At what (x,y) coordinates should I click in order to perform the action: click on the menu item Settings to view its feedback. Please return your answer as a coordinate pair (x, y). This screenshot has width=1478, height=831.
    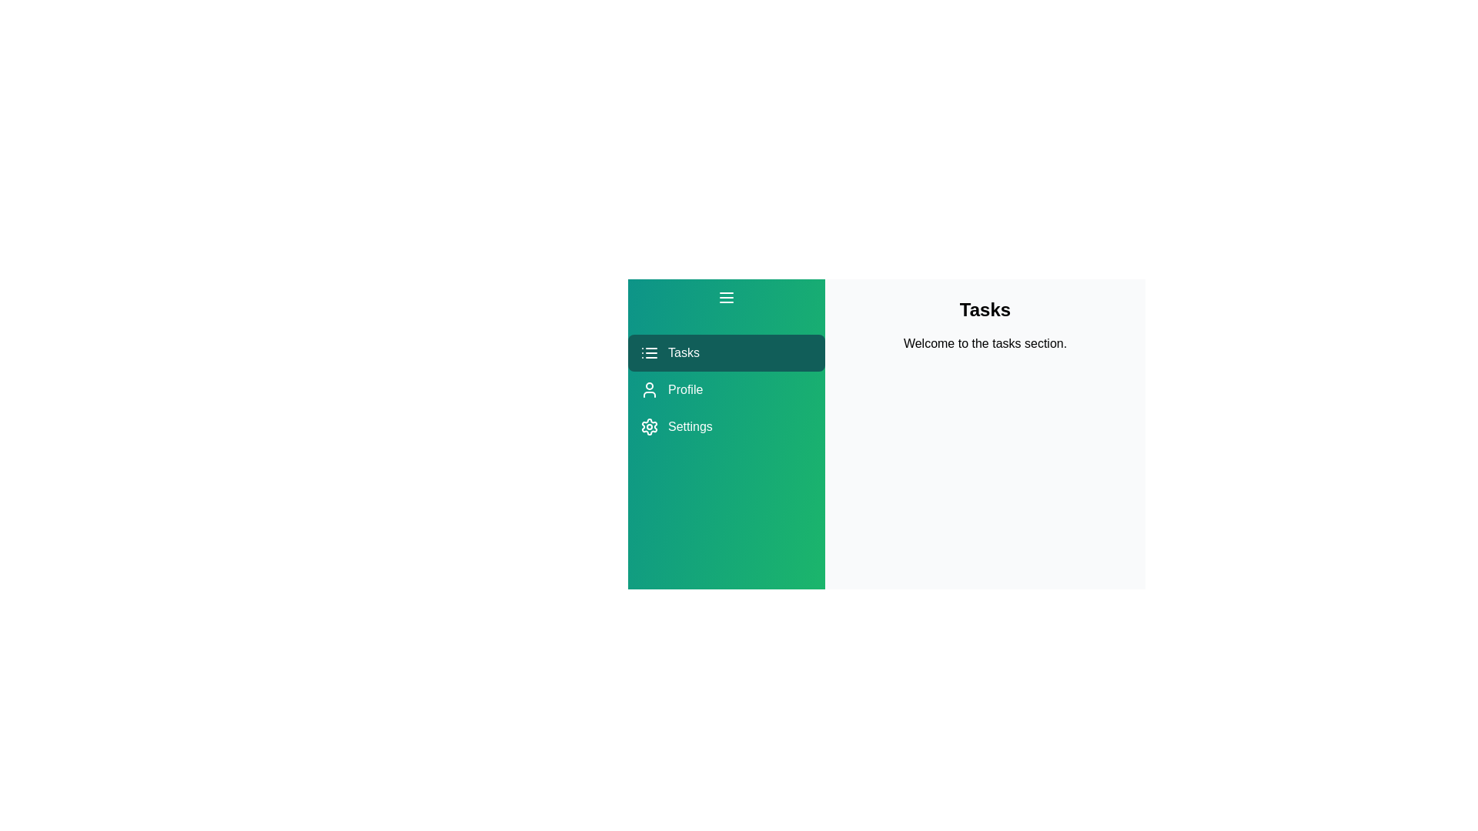
    Looking at the image, I should click on (726, 427).